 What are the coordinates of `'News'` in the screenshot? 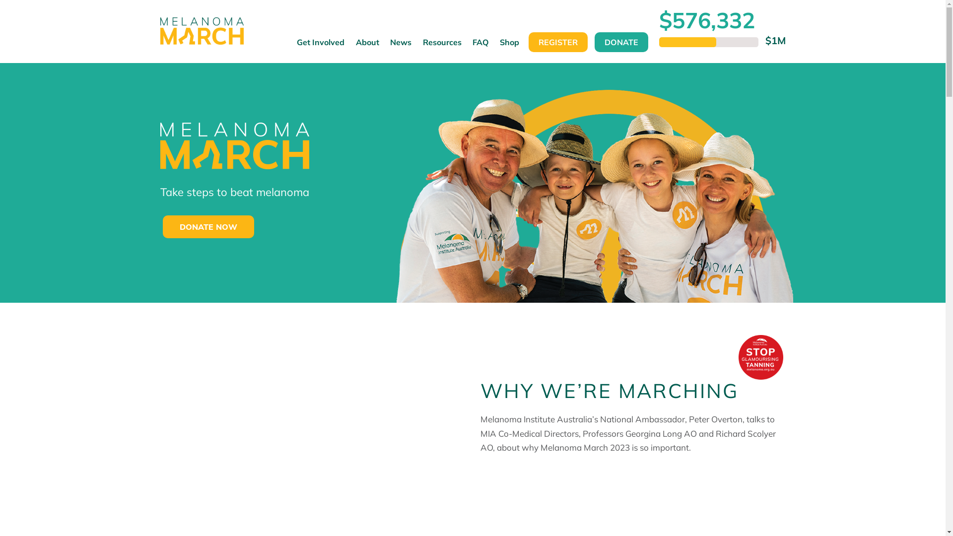 It's located at (401, 47).